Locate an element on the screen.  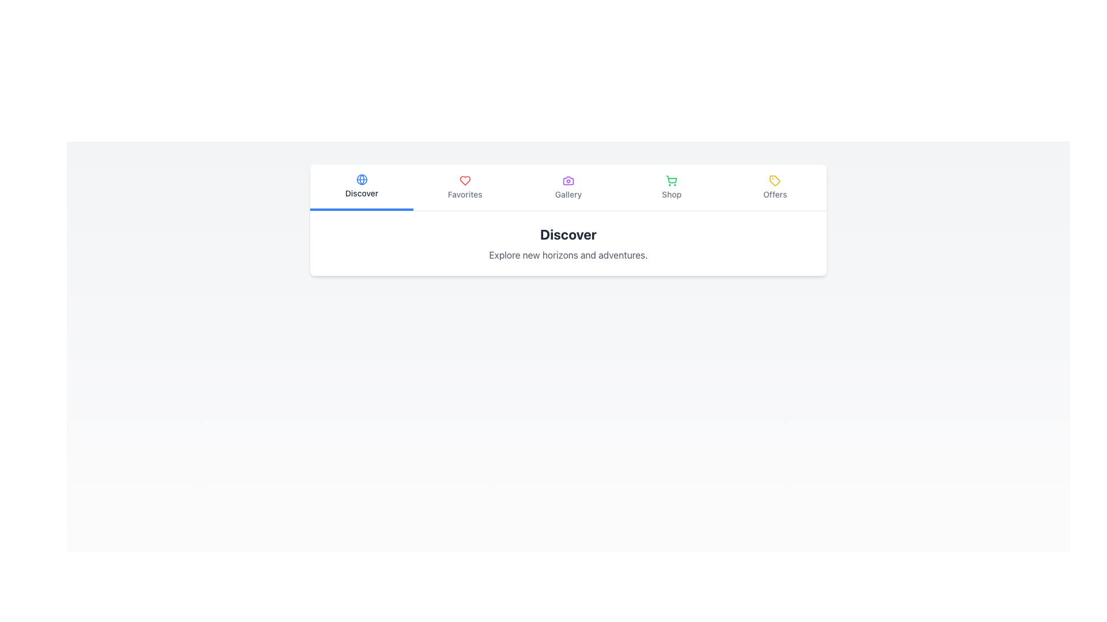
the green shopping cart icon located in the 'Shop' section of the navigation menu, which is centered horizontally between the 'Gallery' and 'Offers' tabs is located at coordinates (672, 179).